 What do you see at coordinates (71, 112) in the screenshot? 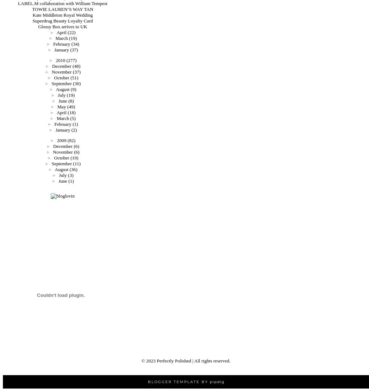
I see `'(18)'` at bounding box center [71, 112].